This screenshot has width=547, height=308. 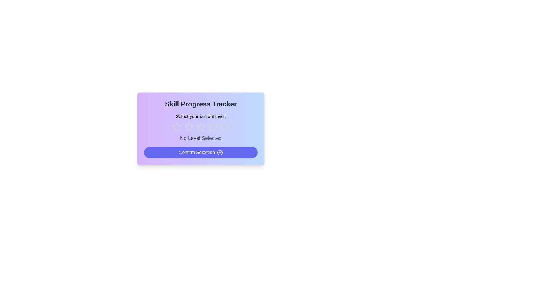 I want to click on the star corresponding to 5 to preview the rating, so click(x=224, y=127).